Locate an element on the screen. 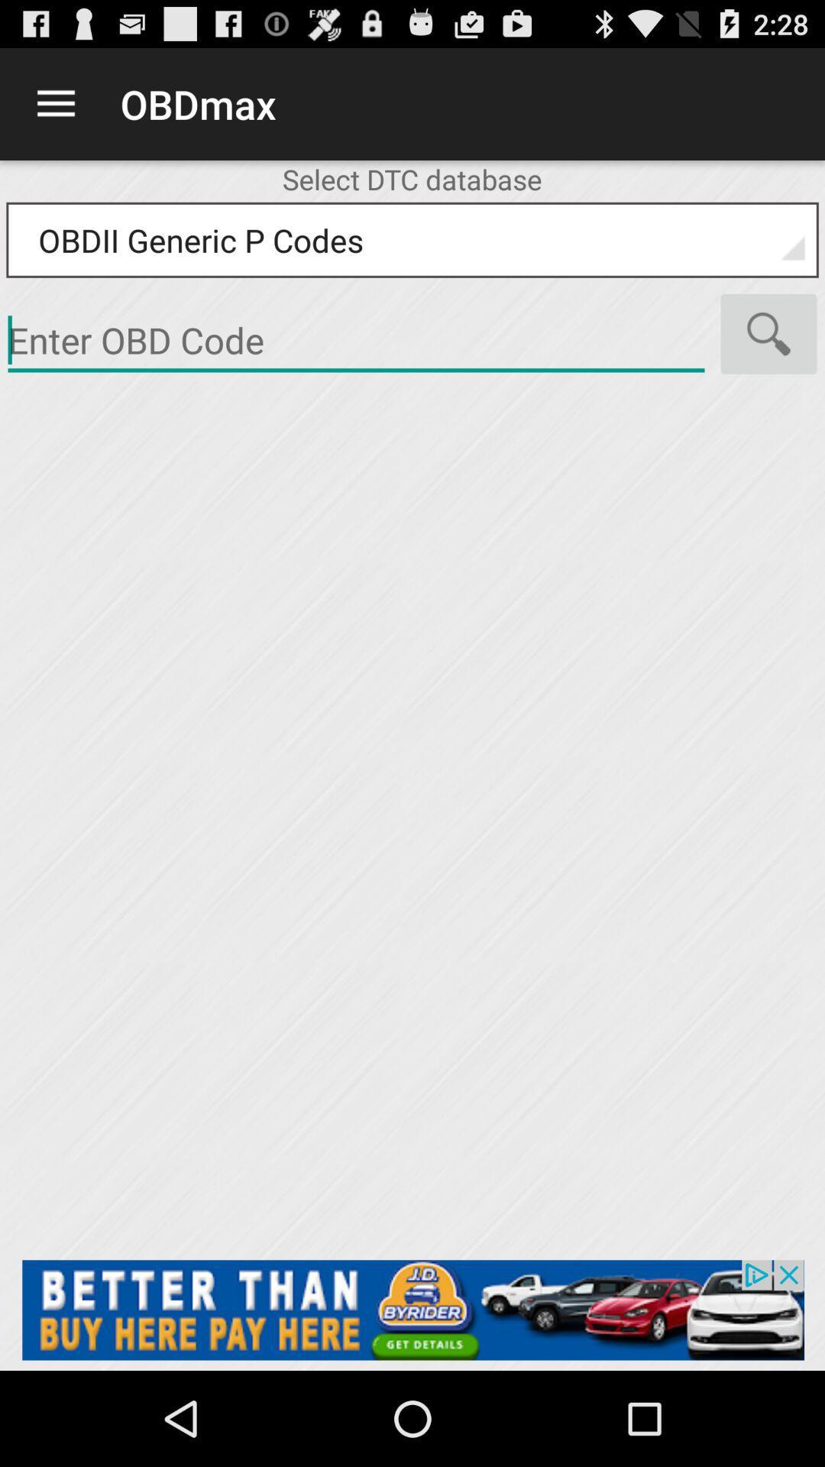 The height and width of the screenshot is (1467, 825). search option is located at coordinates (768, 333).